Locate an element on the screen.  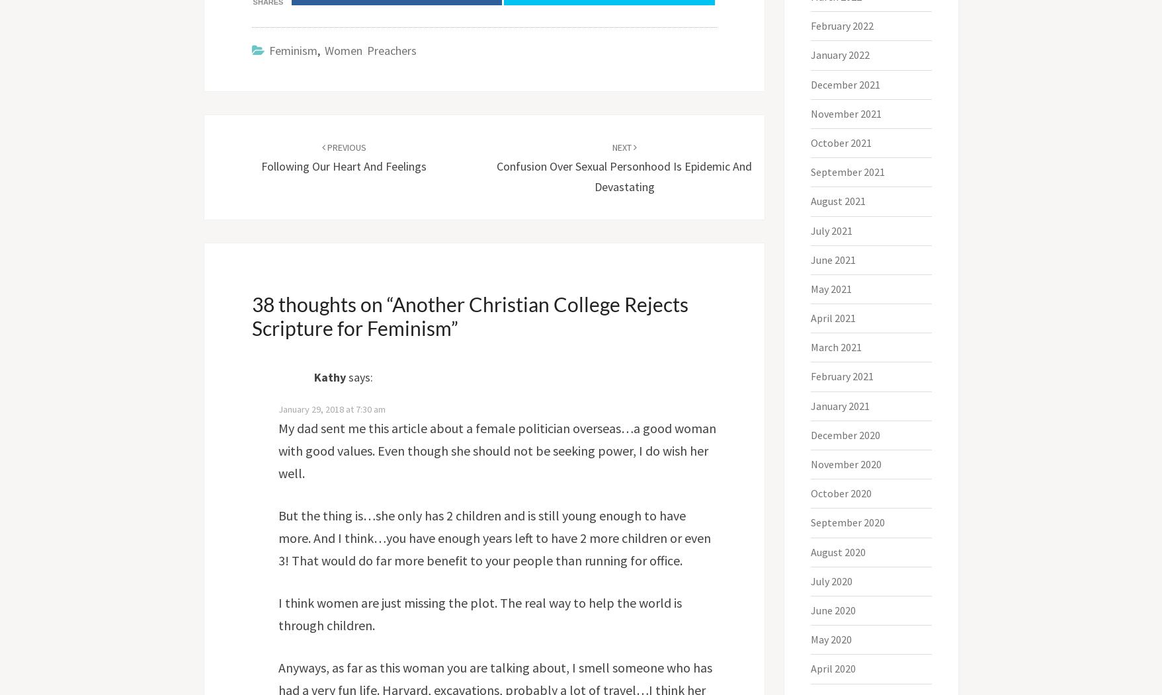
'August 2021' is located at coordinates (838, 200).